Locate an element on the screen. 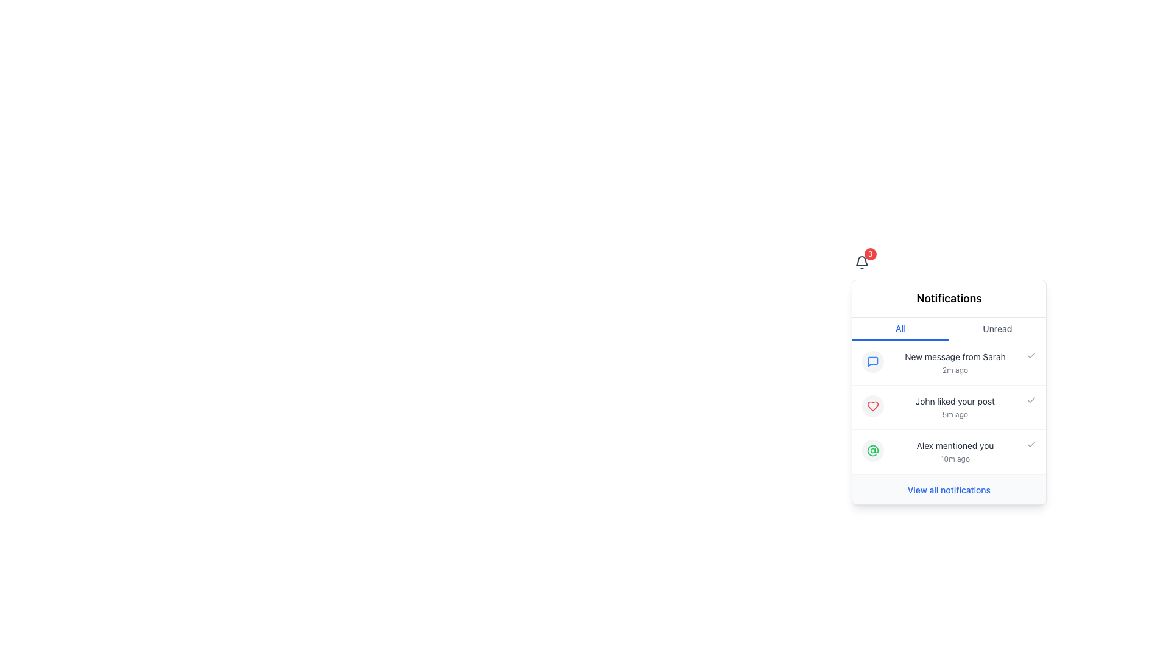 This screenshot has height=657, width=1169. the third notification in the dropdown that informs the user that Alex mentioned them, to perhaps show additional details is located at coordinates (955, 452).